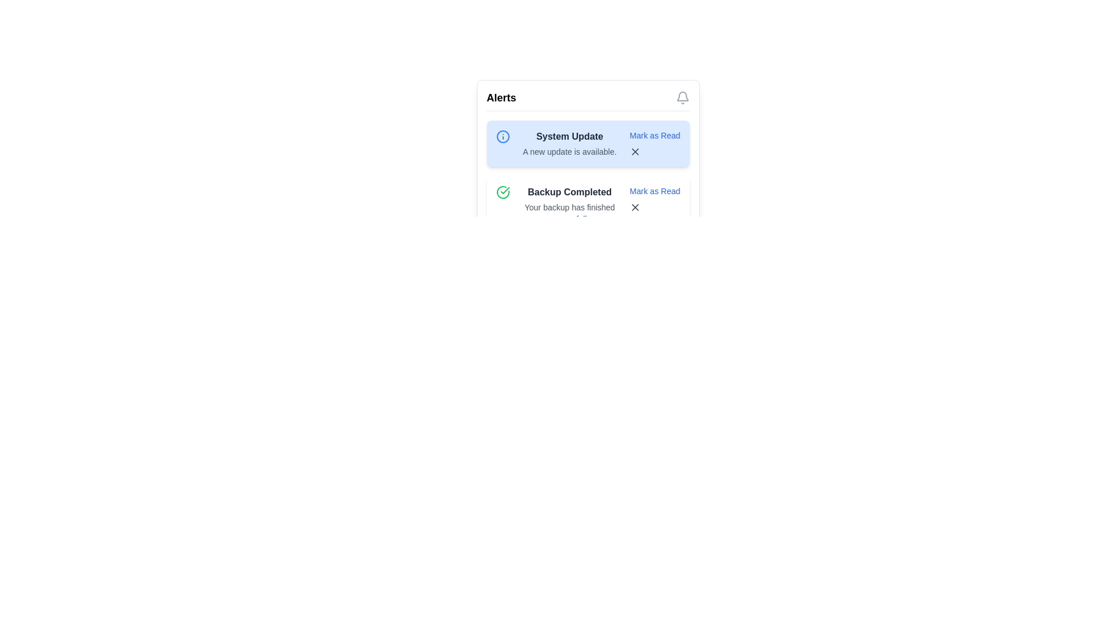 The image size is (1113, 626). I want to click on the 'System Update' notification element, which is displayed in bold dark gray text and contains a smaller message in light gray text about a new update being available, located within the first notification box under 'Alerts', so click(569, 143).